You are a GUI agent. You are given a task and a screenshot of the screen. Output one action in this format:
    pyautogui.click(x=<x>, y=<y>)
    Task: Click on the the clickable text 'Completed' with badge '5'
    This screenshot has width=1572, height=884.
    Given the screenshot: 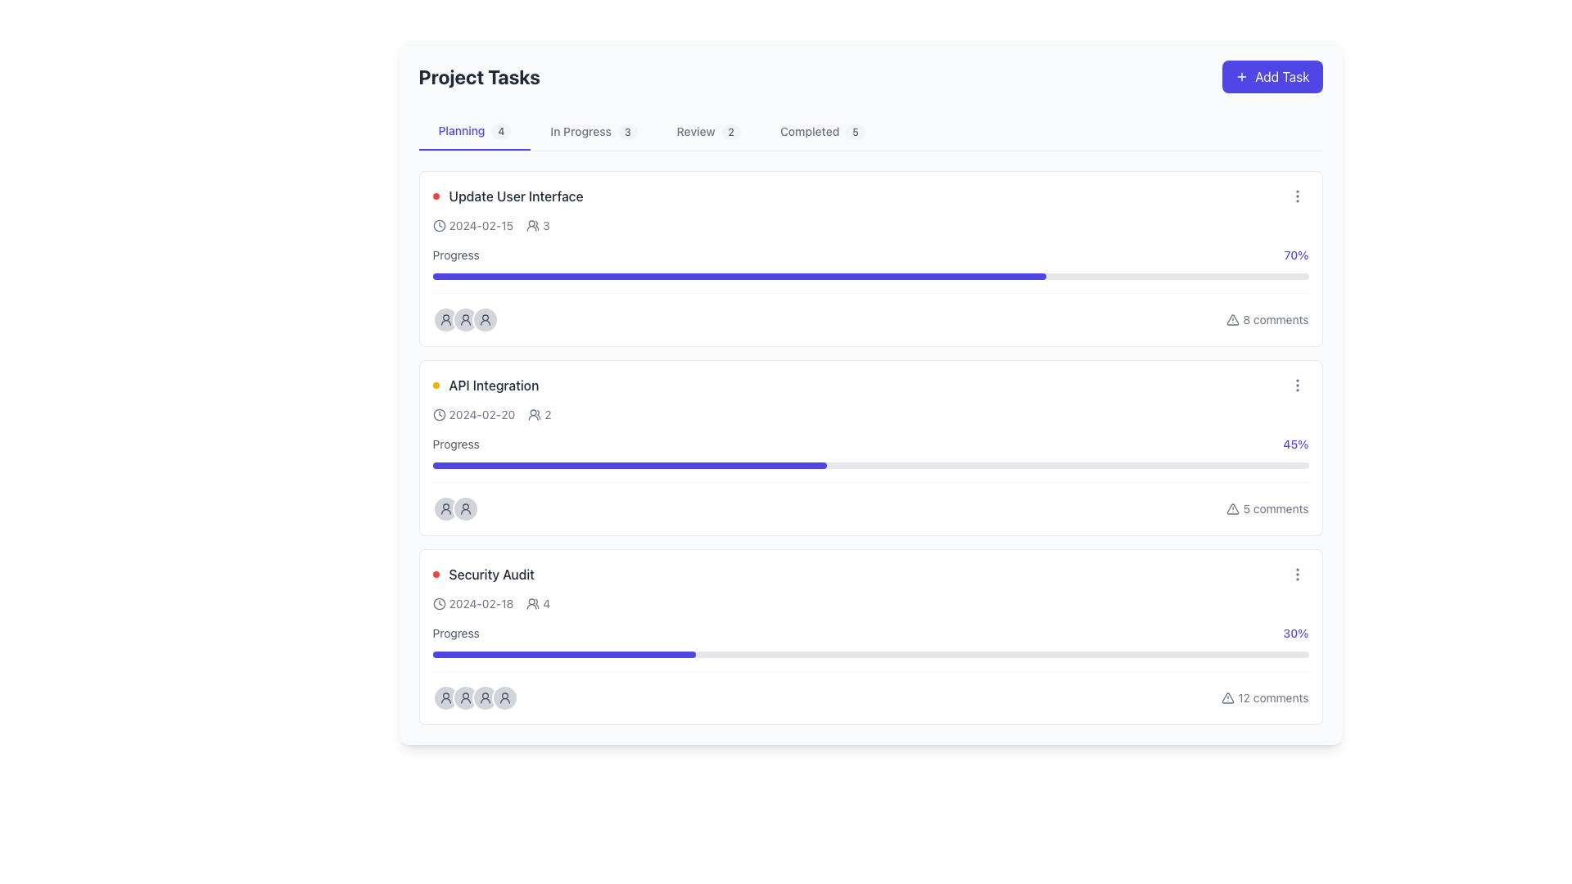 What is the action you would take?
    pyautogui.click(x=822, y=131)
    